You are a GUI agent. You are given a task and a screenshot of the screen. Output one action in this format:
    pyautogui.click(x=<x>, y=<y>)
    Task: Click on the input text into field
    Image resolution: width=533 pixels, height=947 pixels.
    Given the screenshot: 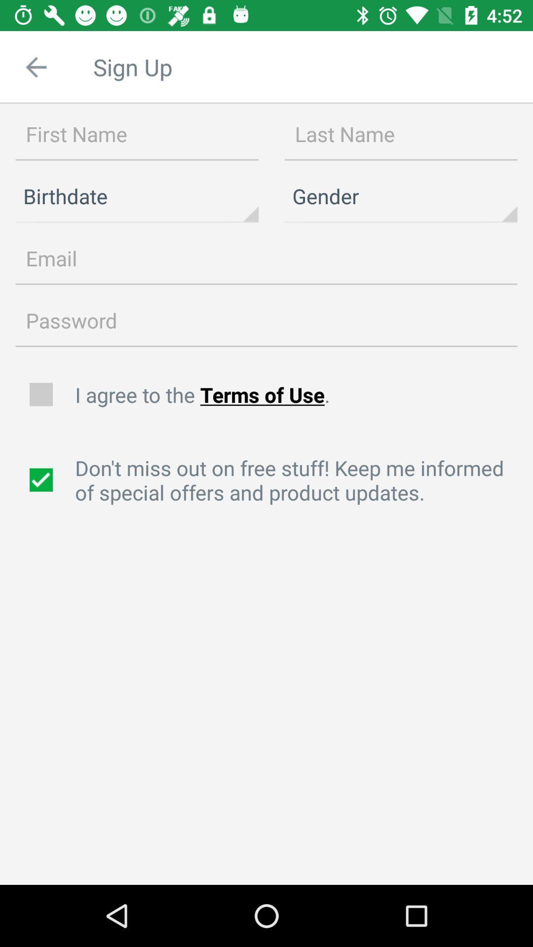 What is the action you would take?
    pyautogui.click(x=137, y=134)
    